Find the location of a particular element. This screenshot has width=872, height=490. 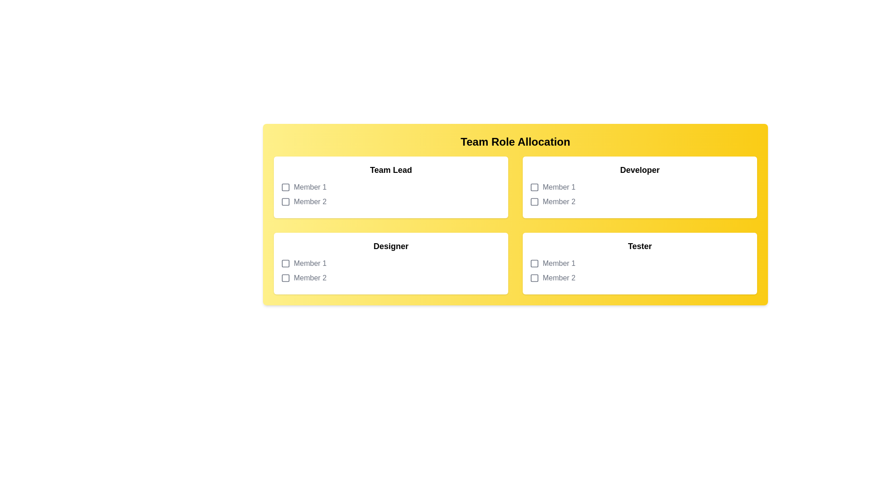

the icon next to Developer for Member 2 to toggle selection is located at coordinates (534, 201).